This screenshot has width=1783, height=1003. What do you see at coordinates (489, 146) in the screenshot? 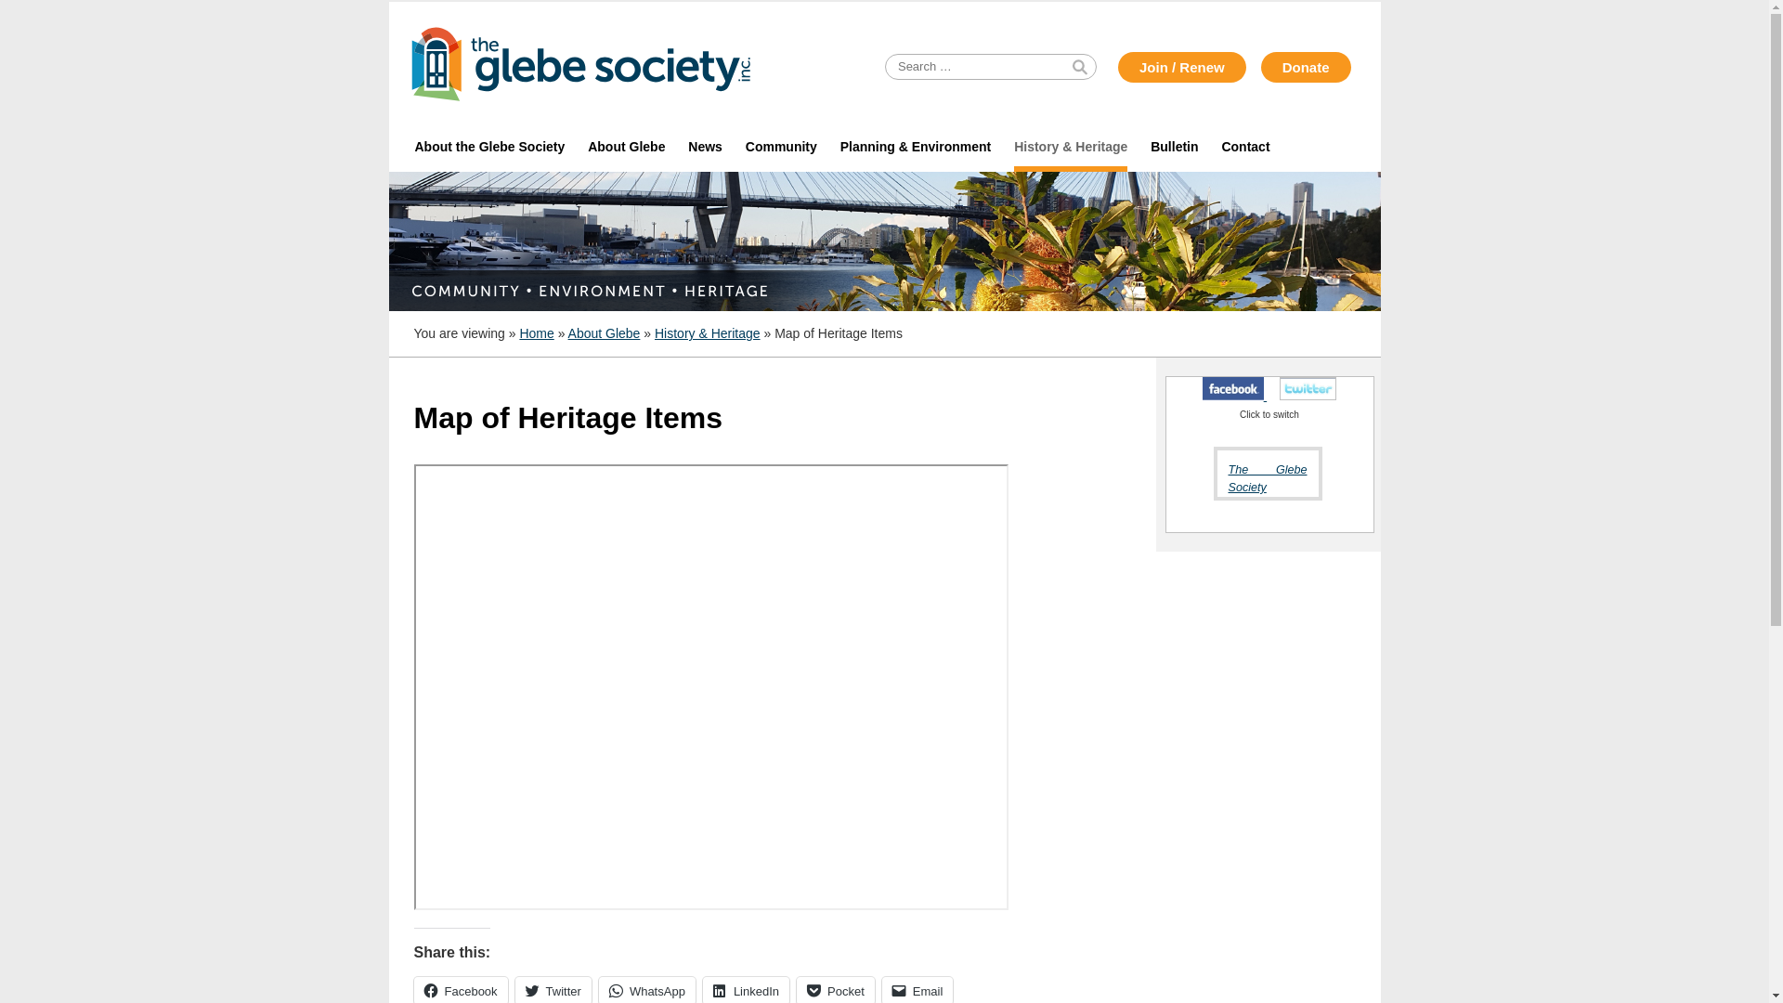
I see `'About the Glebe Society'` at bounding box center [489, 146].